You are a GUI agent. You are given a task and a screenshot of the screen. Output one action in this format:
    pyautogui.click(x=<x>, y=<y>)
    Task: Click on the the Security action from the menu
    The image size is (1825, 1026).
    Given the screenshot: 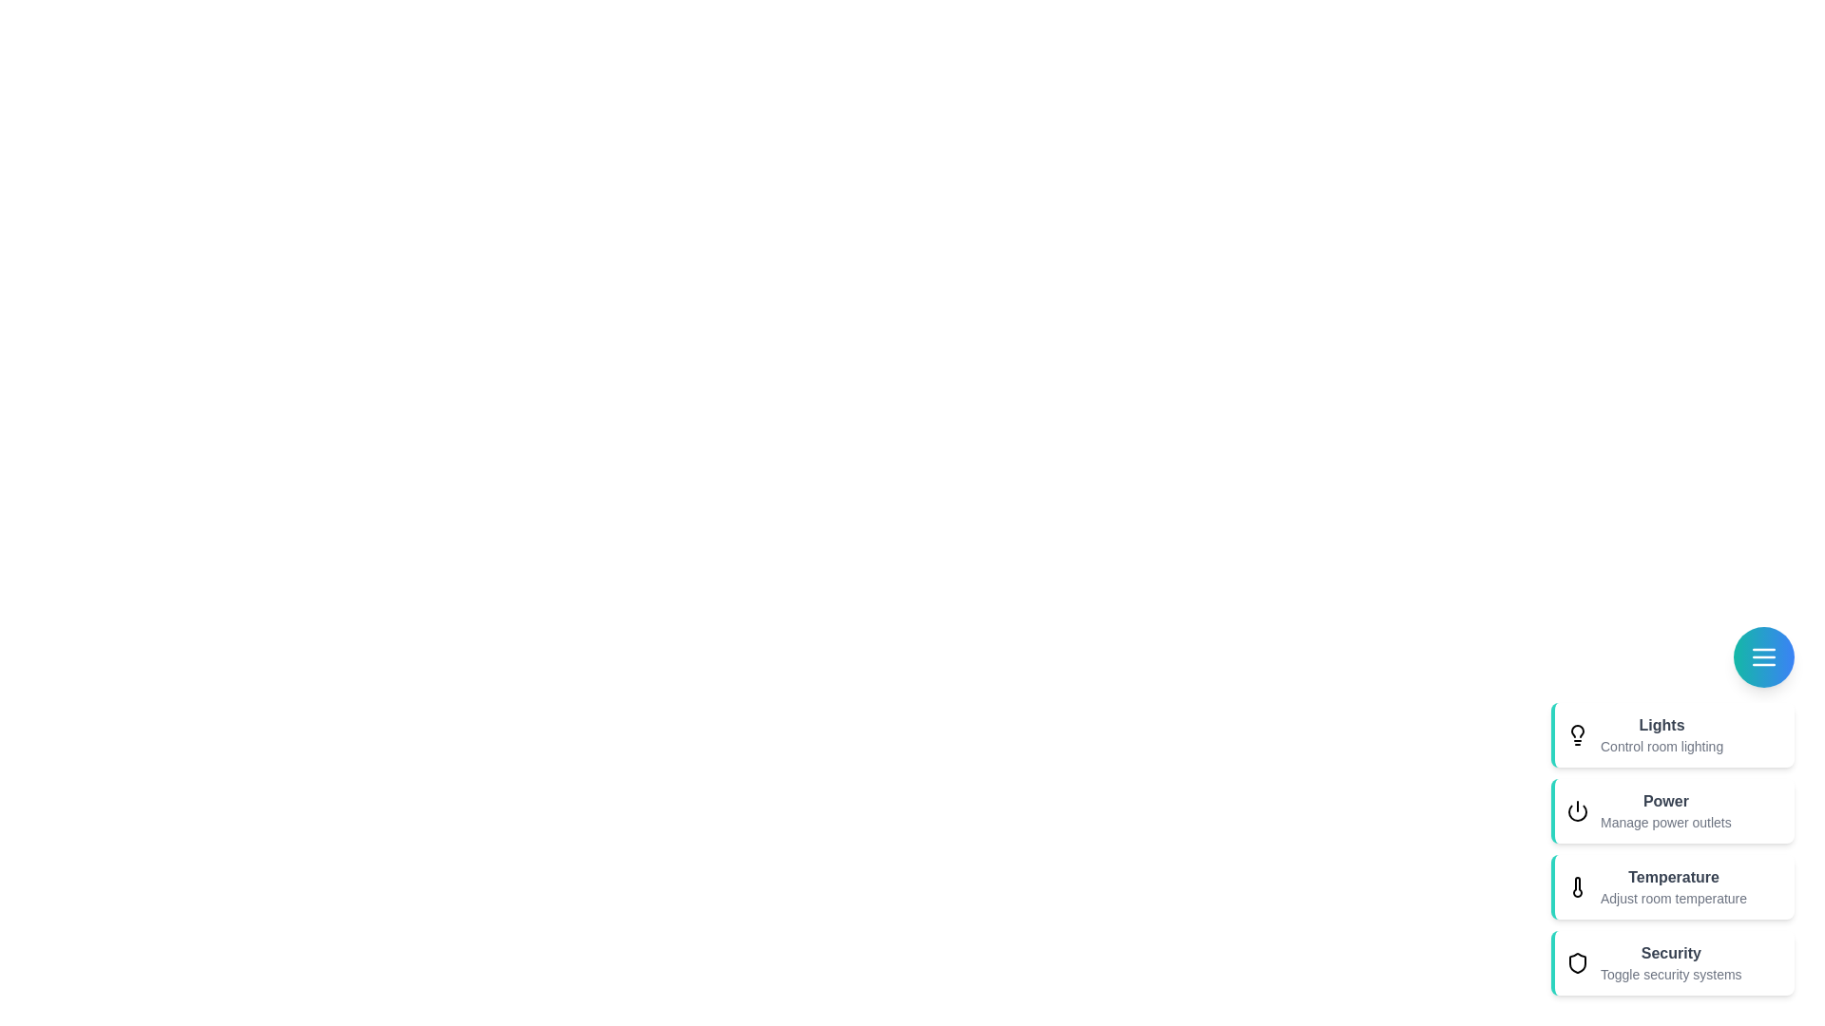 What is the action you would take?
    pyautogui.click(x=1673, y=963)
    